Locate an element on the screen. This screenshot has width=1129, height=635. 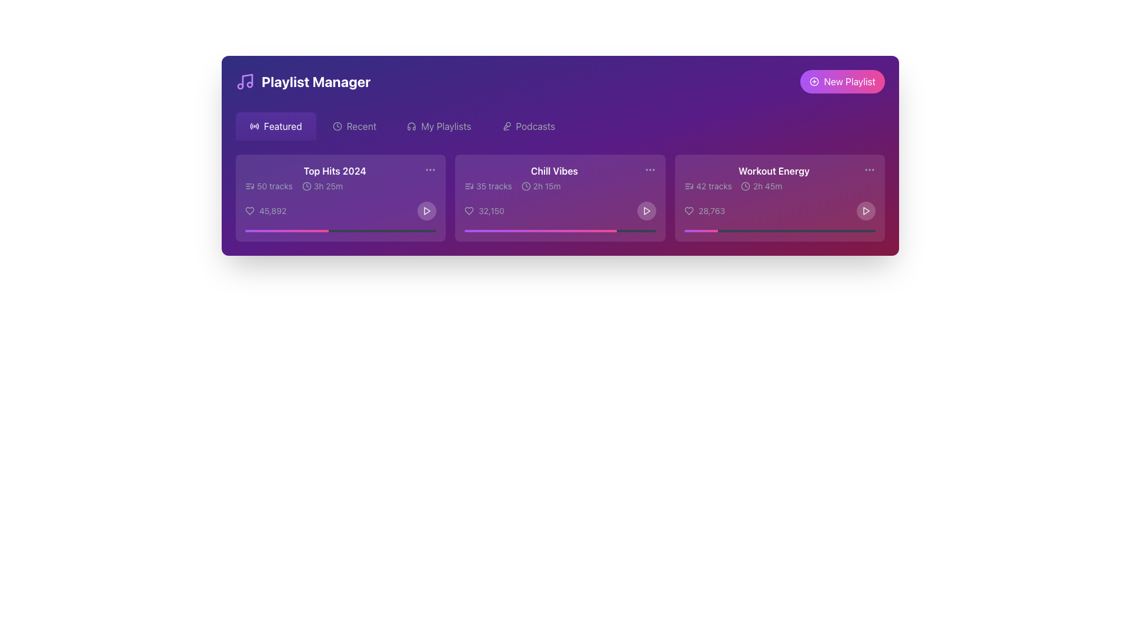
the visual feedback when interacting with the circular icon that has a '+' symbol inside, located to the left of the 'New Playlist' button in the top-right corner of the interface is located at coordinates (814, 81).